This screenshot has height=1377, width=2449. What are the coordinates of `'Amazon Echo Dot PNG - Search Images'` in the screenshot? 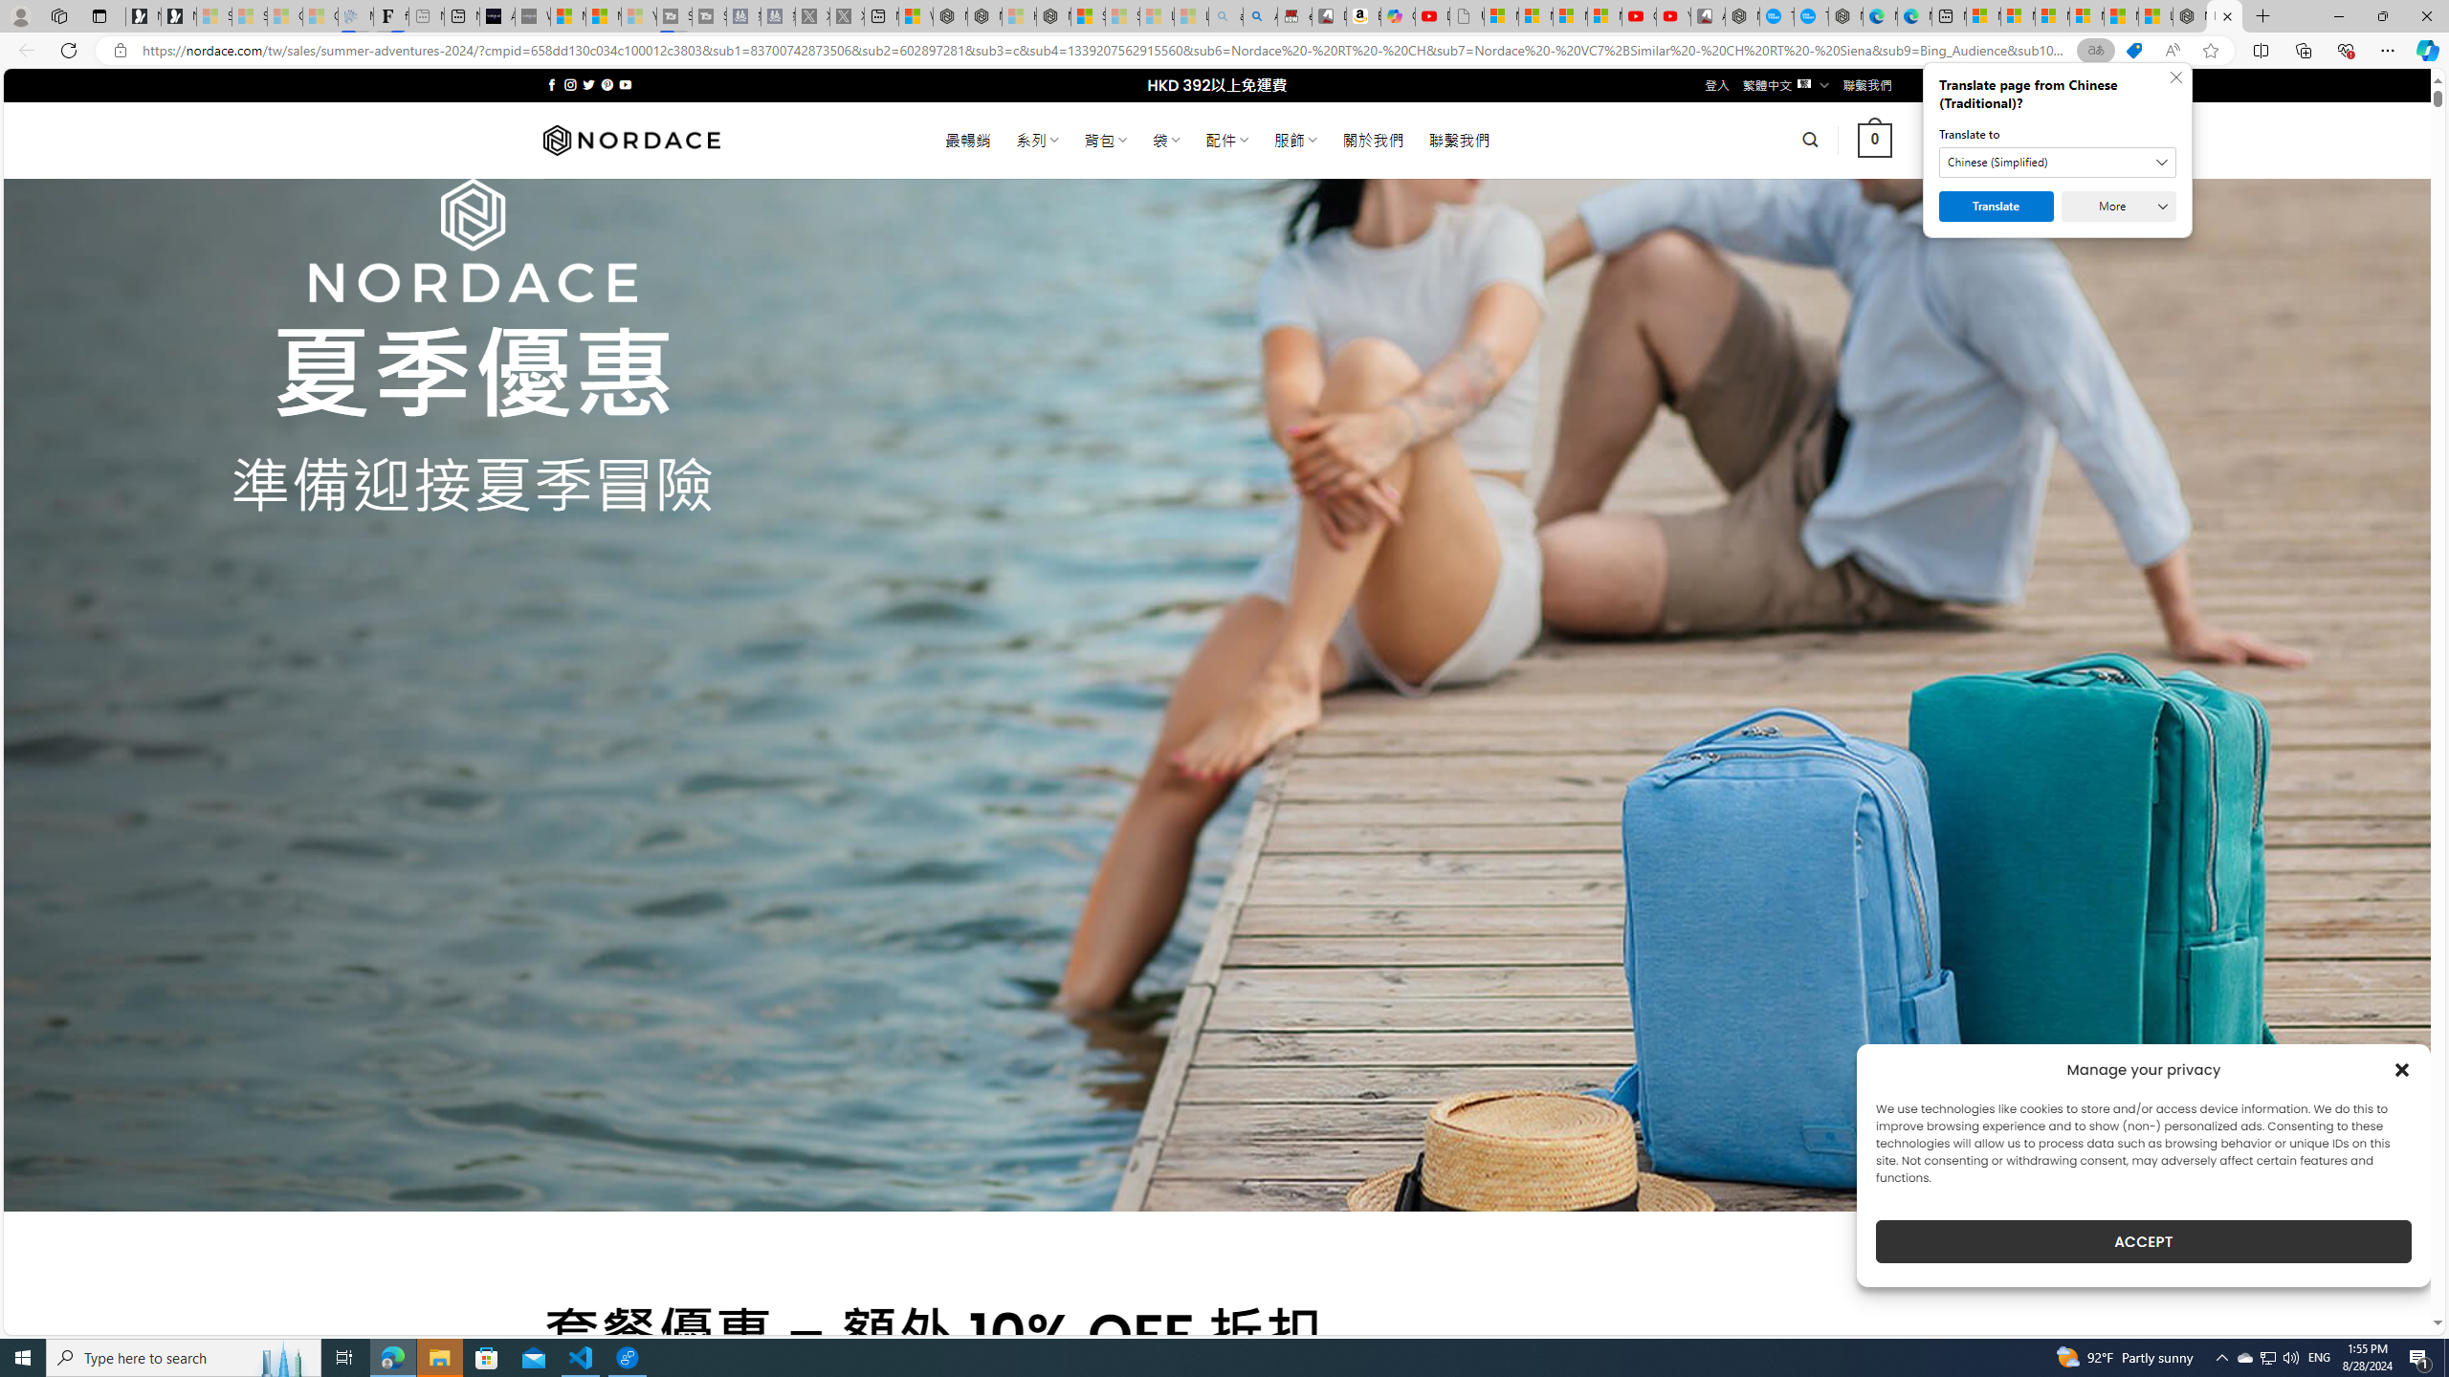 It's located at (1259, 15).